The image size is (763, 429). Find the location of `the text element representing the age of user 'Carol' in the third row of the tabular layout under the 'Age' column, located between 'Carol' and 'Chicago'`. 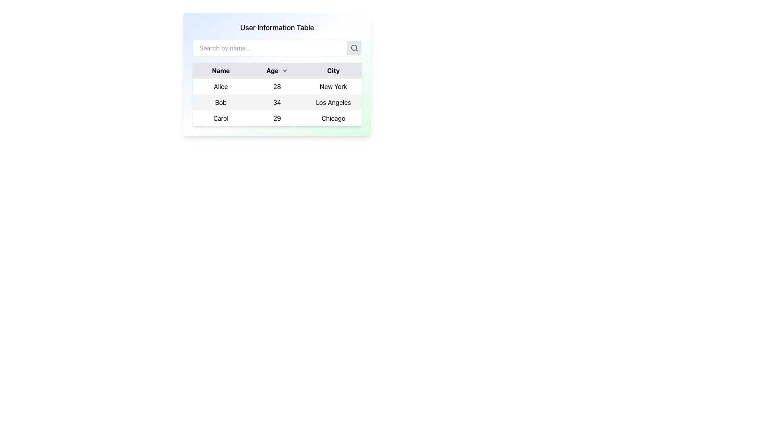

the text element representing the age of user 'Carol' in the third row of the tabular layout under the 'Age' column, located between 'Carol' and 'Chicago' is located at coordinates (277, 118).